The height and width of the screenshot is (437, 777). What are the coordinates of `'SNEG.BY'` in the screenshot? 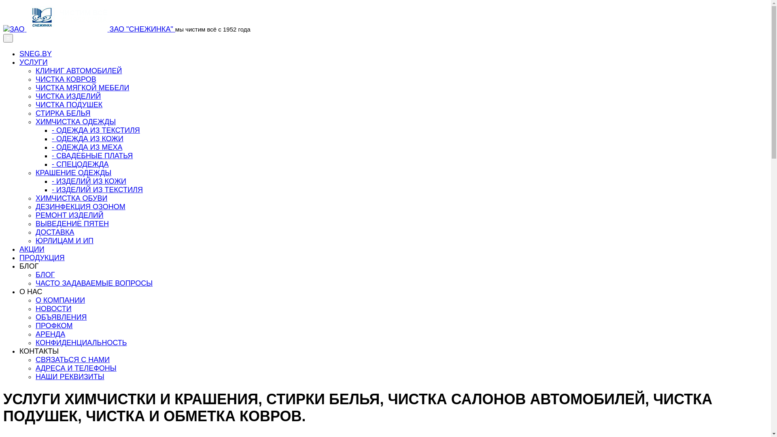 It's located at (35, 53).